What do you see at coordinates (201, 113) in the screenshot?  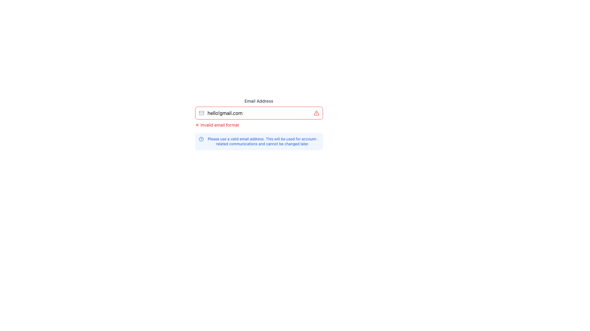 I see `the email icon located on the left edge of the email input box, visually indicating the intended input for an email address` at bounding box center [201, 113].